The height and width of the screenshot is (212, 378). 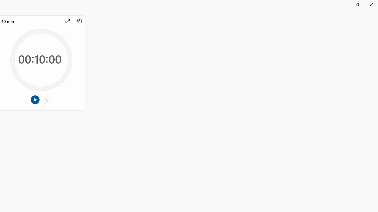 I want to click on 'Expand', so click(x=67, y=21).